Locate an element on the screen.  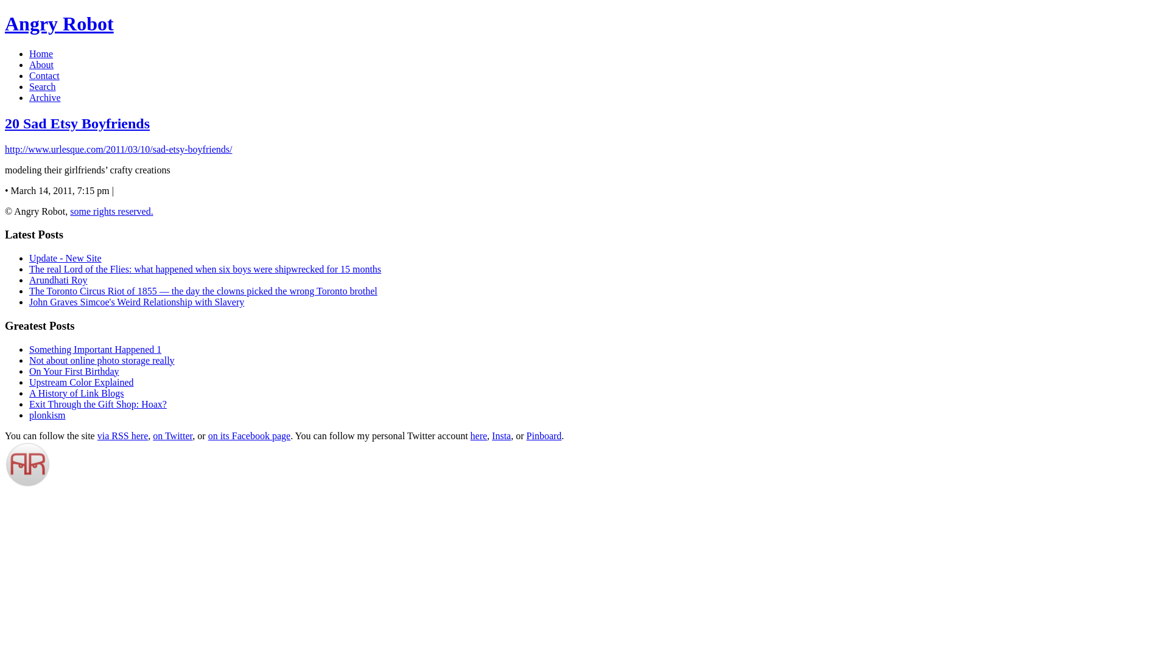
'Update - New Site' is located at coordinates (65, 257).